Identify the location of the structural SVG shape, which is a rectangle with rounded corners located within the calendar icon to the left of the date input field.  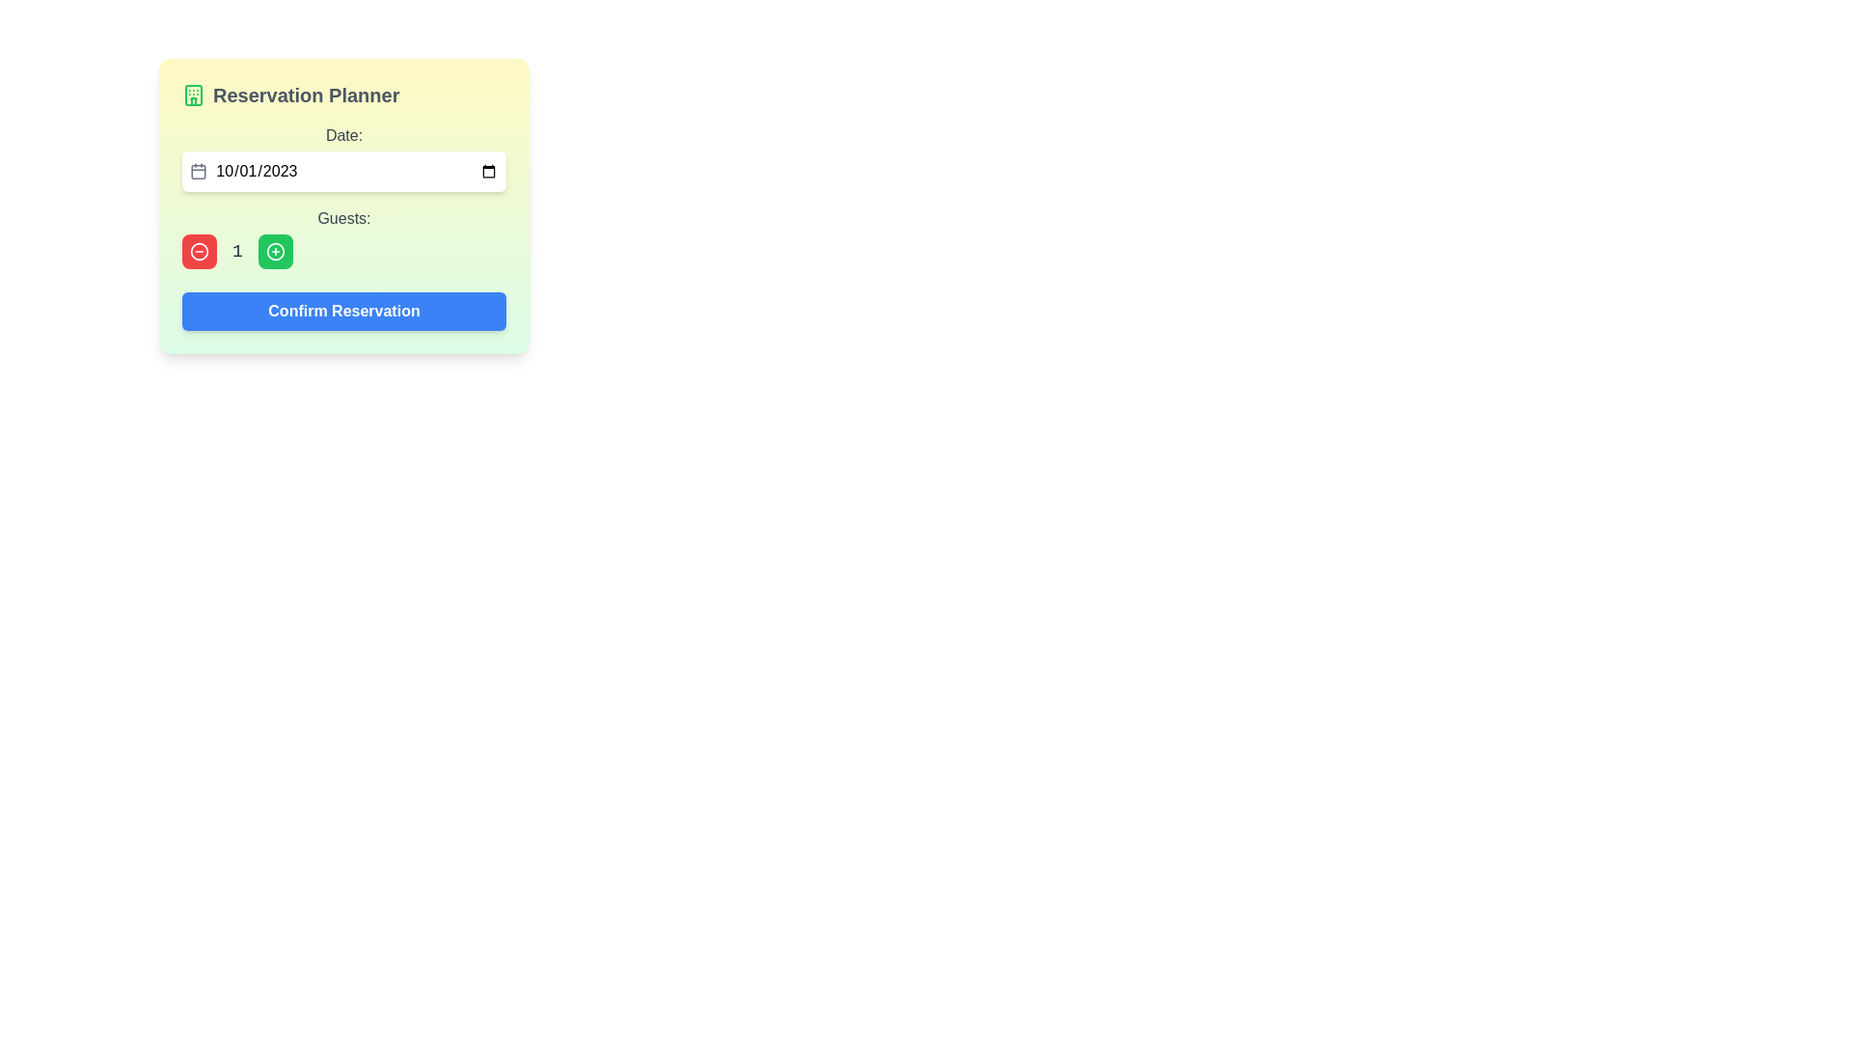
(199, 171).